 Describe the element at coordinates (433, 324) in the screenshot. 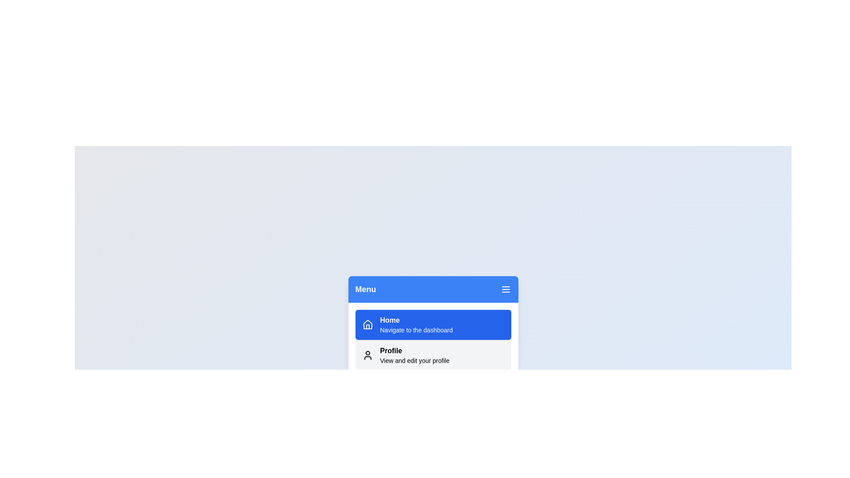

I see `the menu option Home to navigate to the respective section` at that location.